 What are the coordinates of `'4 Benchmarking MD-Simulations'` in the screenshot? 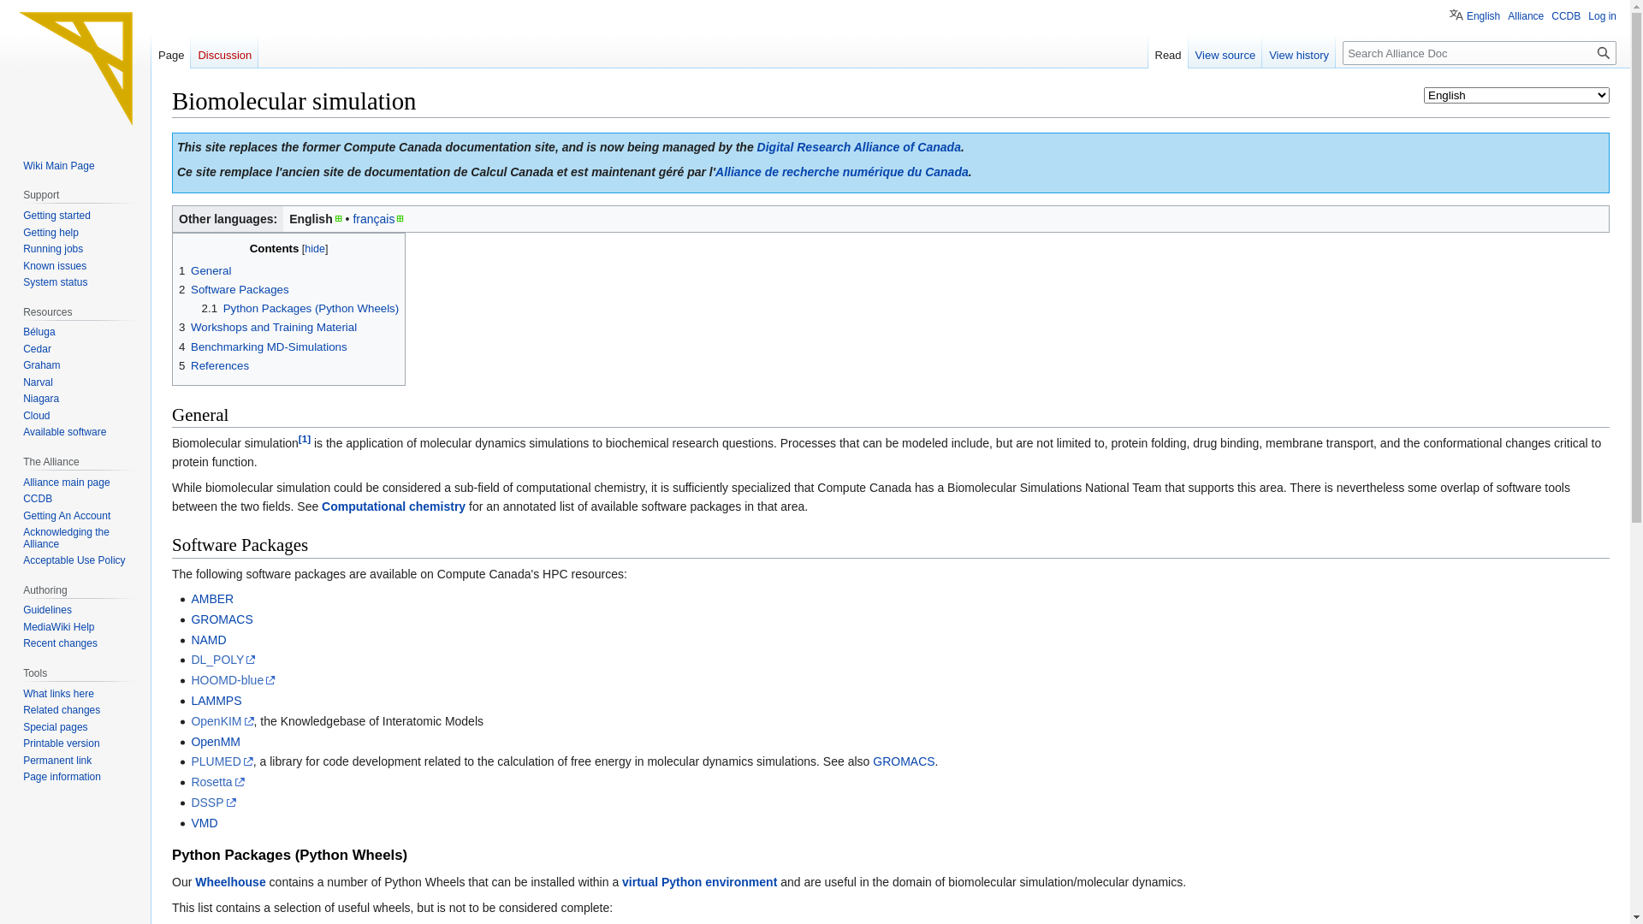 It's located at (262, 346).